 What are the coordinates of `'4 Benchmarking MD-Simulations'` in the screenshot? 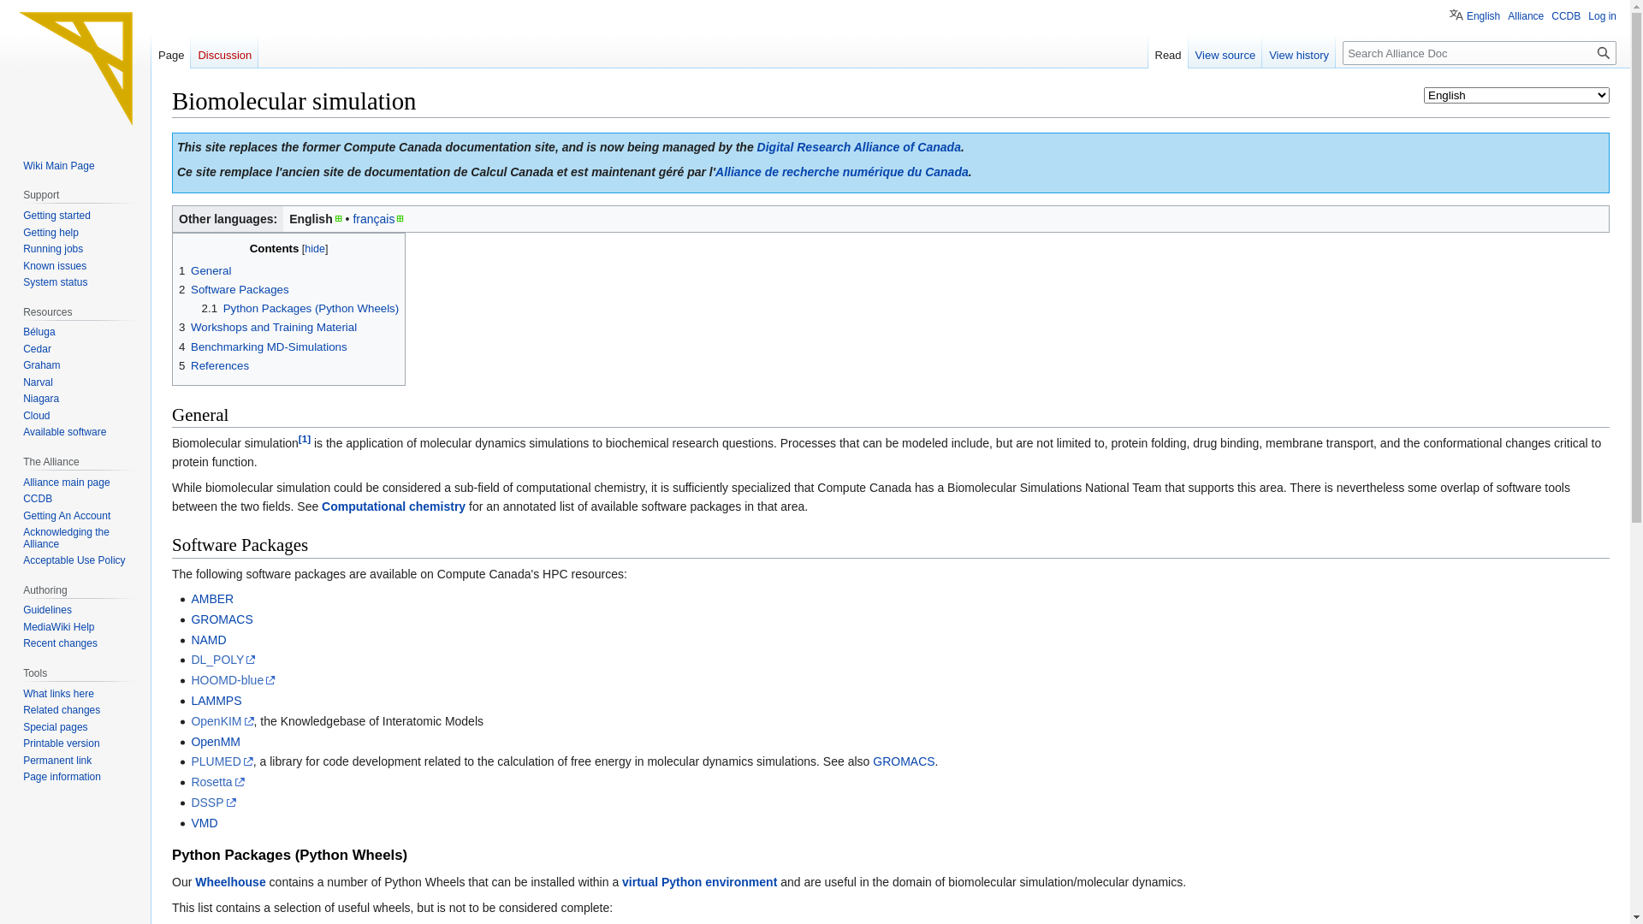 It's located at (262, 346).